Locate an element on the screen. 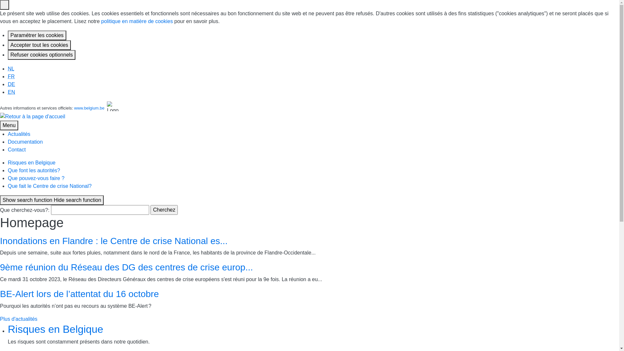 Image resolution: width=624 pixels, height=351 pixels. 'EN' is located at coordinates (11, 92).